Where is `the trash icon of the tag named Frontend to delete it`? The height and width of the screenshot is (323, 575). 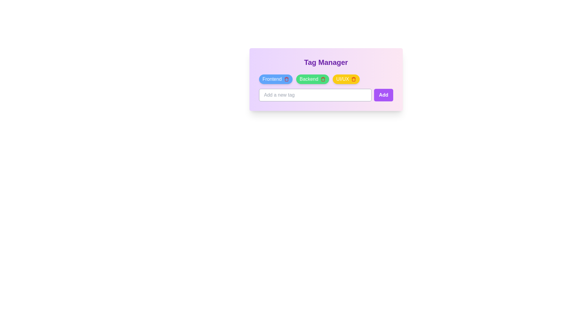
the trash icon of the tag named Frontend to delete it is located at coordinates (286, 79).